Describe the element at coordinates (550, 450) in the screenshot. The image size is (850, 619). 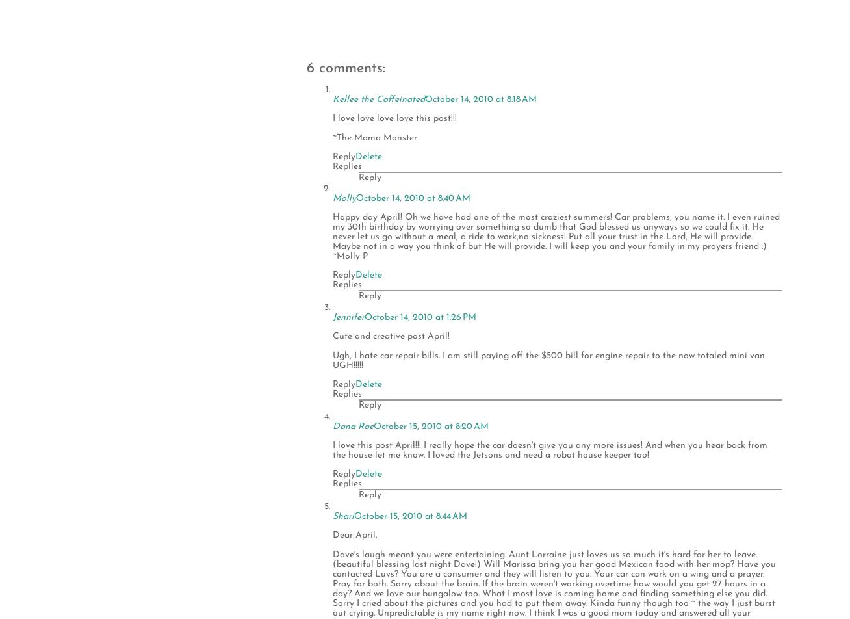
I see `'I love this post April!!! I really hope the car doesn't give you any more issues! And when you hear back from the house let me know. I loved the Jetsons and need a robot house keeper too!'` at that location.